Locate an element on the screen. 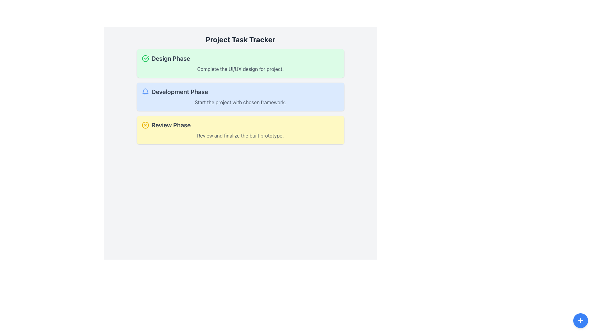 The image size is (593, 333). the graphical properties of the decorative or status-indicating icon located in the 'Review Phase' section, adjacent to the text label 'Review Phase' is located at coordinates (145, 125).